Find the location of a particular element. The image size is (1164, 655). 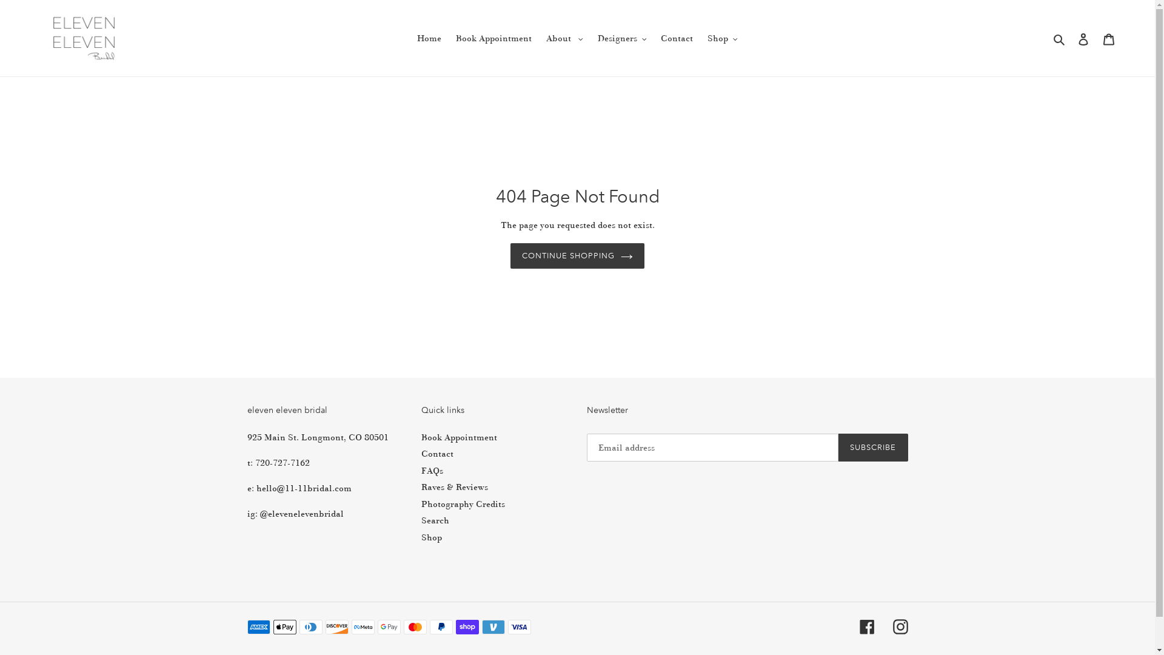

'CONTINUE SHOPPING' is located at coordinates (577, 255).